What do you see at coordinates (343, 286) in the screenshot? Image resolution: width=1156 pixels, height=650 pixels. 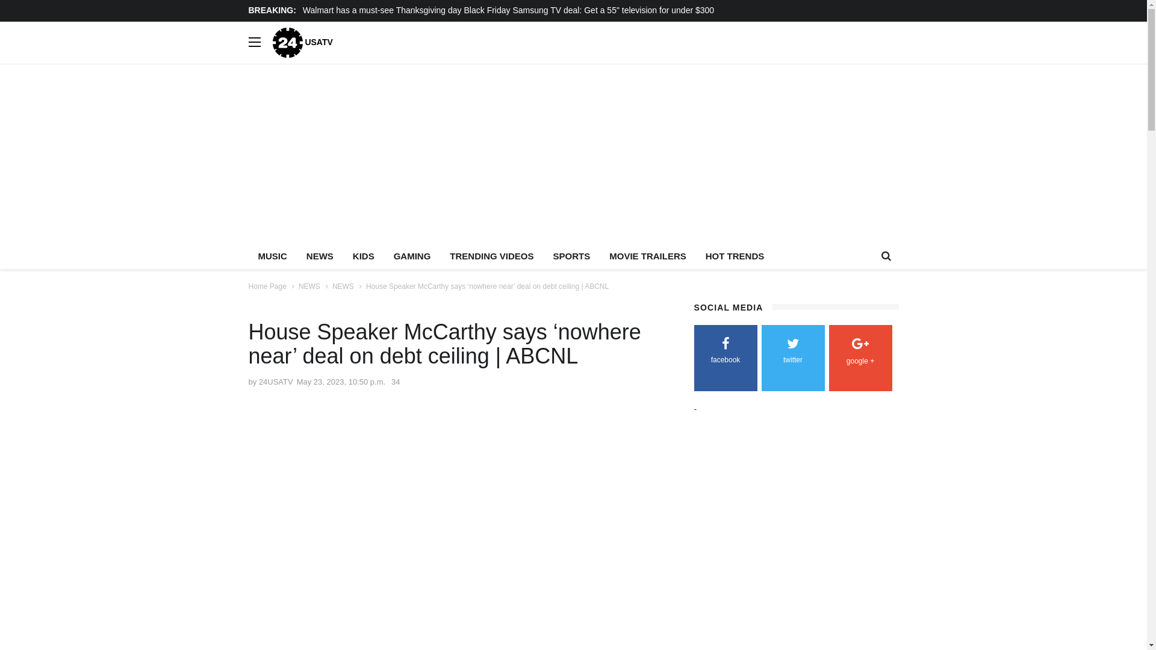 I see `'NEWS'` at bounding box center [343, 286].